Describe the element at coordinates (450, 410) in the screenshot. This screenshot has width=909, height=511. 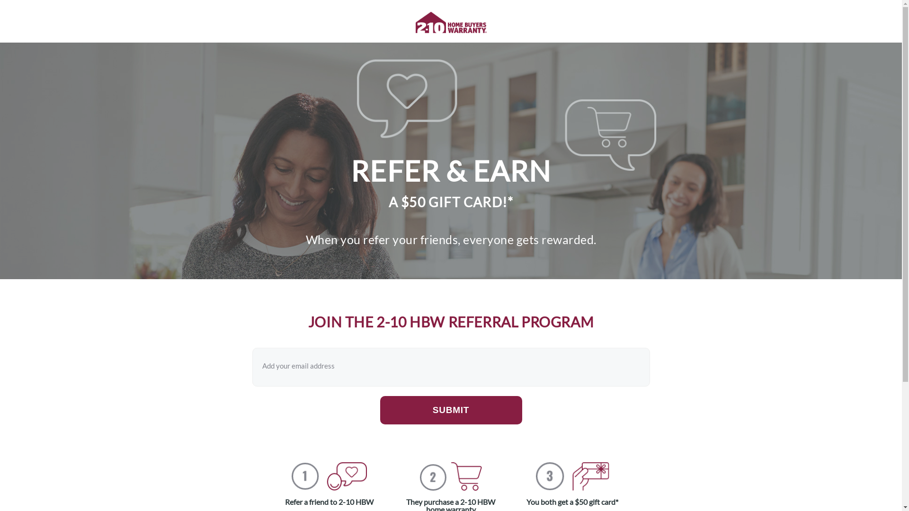
I see `'SUBMIT'` at that location.